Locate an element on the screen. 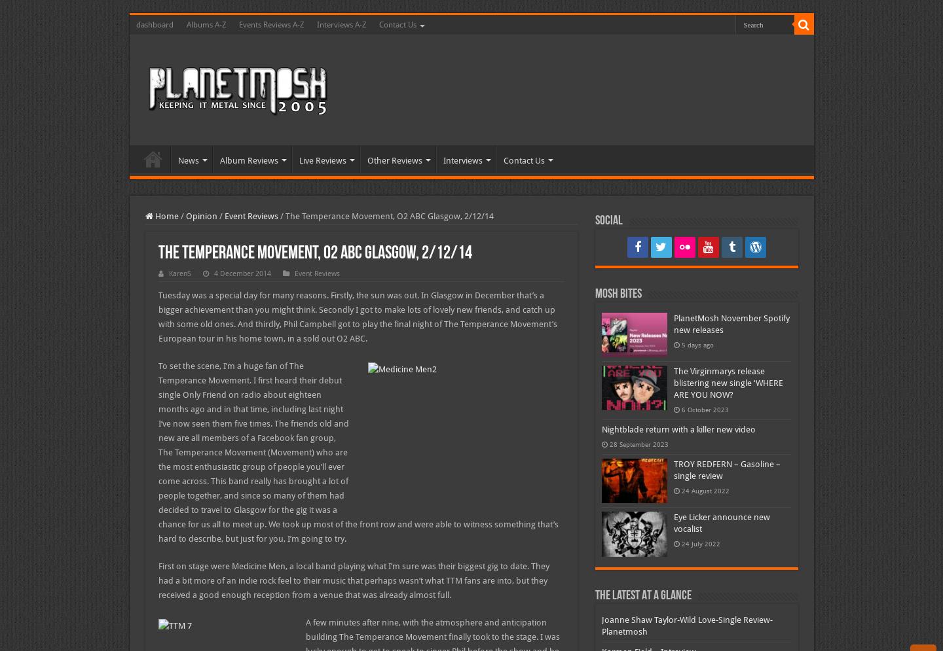 Image resolution: width=943 pixels, height=651 pixels. 'First on stage were Medicine Men, a local band playing what I’m sure was their biggest gig to date. They had a bit more of an indie rock feel to their music that perhaps wasn’t what TTM fans are into, but they received a good enough reception from a venue that was already almost full.' is located at coordinates (157, 580).